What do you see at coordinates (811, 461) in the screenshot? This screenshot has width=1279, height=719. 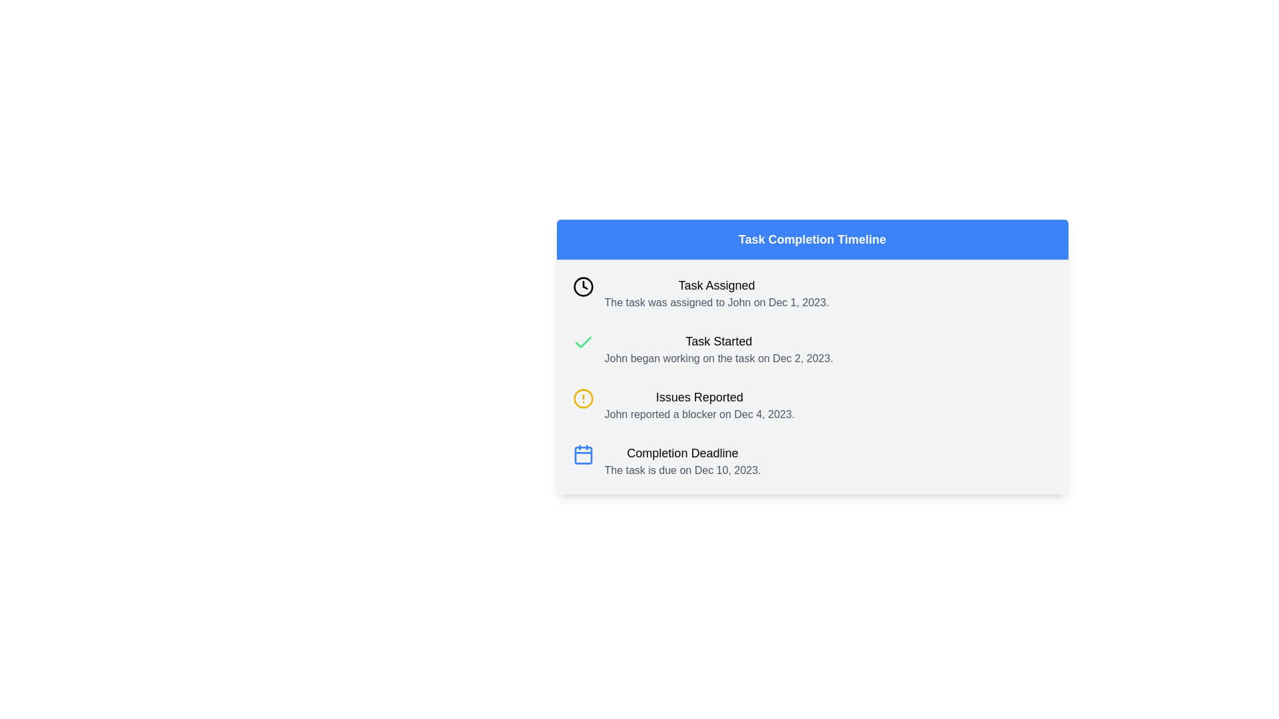 I see `the Information Display Block that shows the deadline for task completion, located beneath the 'Issues Reported' row in the task timeline interface` at bounding box center [811, 461].